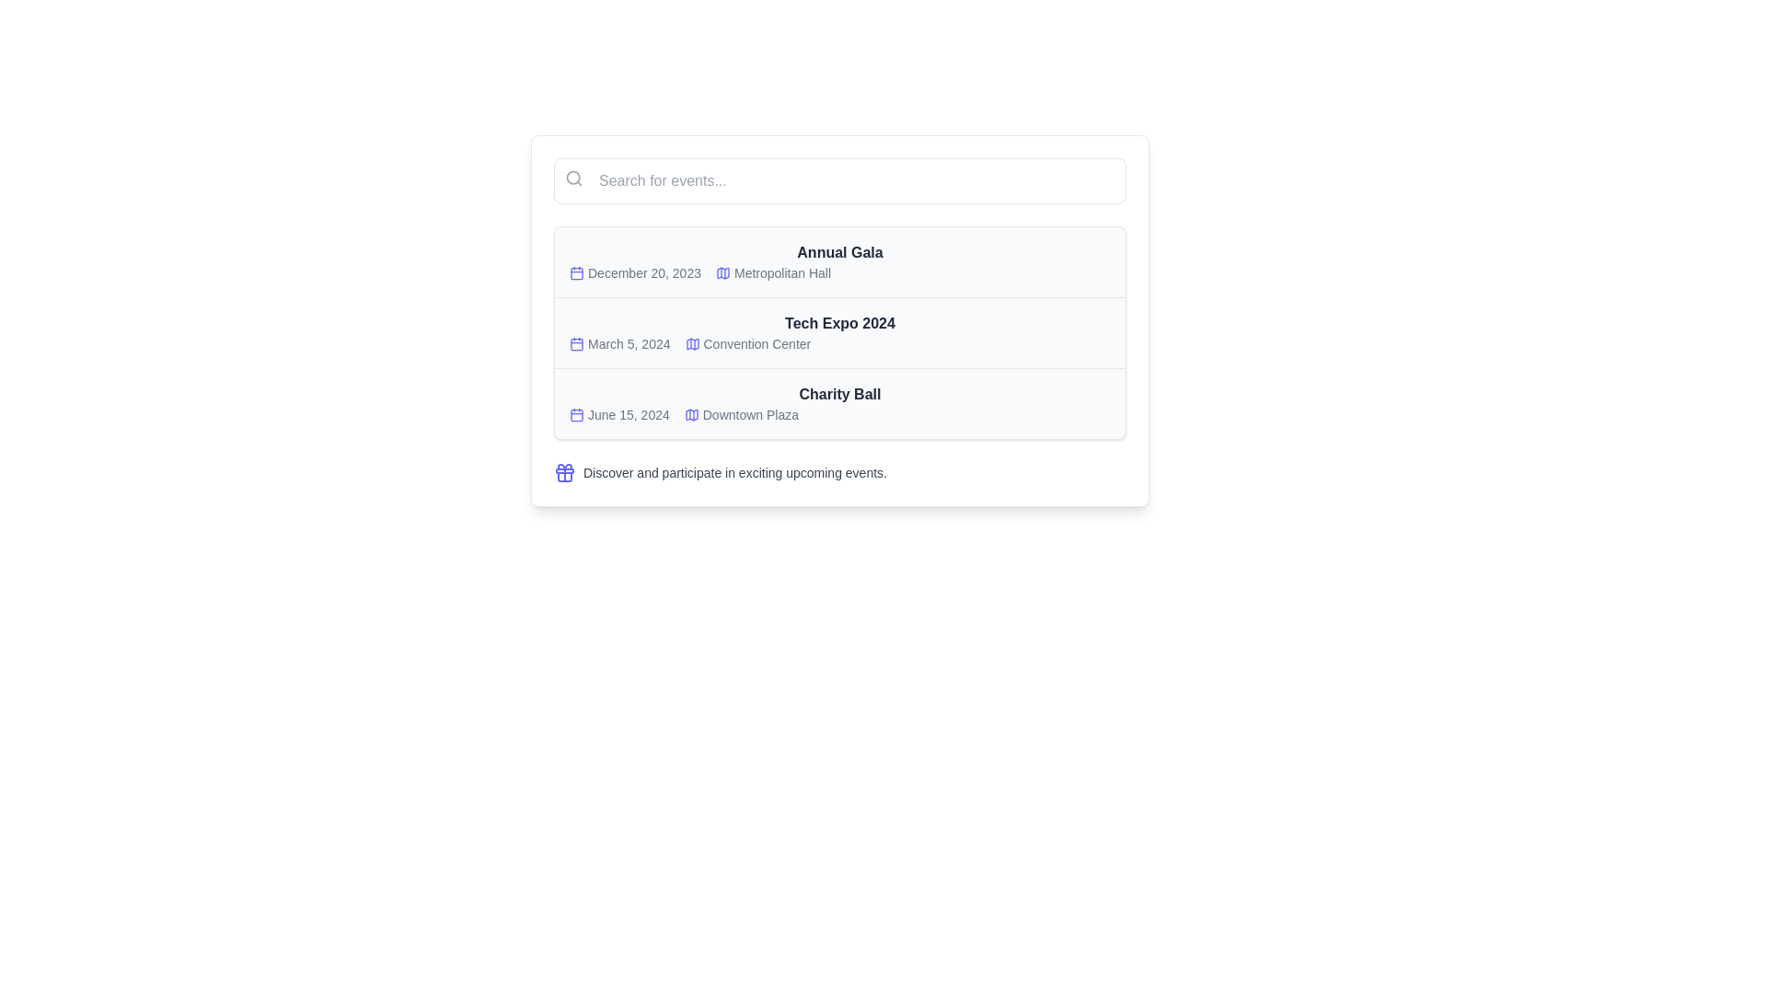  Describe the element at coordinates (722, 273) in the screenshot. I see `the small light indigo map icon located immediately to the left of the text 'Metropolitan Hall' in the row describing the 'Annual Gala' event scheduled for December 20, 2023` at that location.